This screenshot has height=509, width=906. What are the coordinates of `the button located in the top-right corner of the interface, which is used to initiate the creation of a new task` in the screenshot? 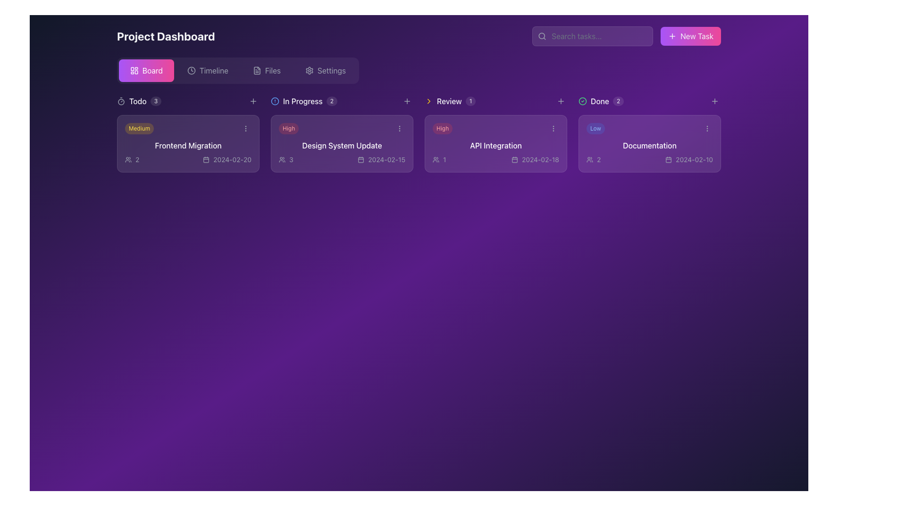 It's located at (691, 36).